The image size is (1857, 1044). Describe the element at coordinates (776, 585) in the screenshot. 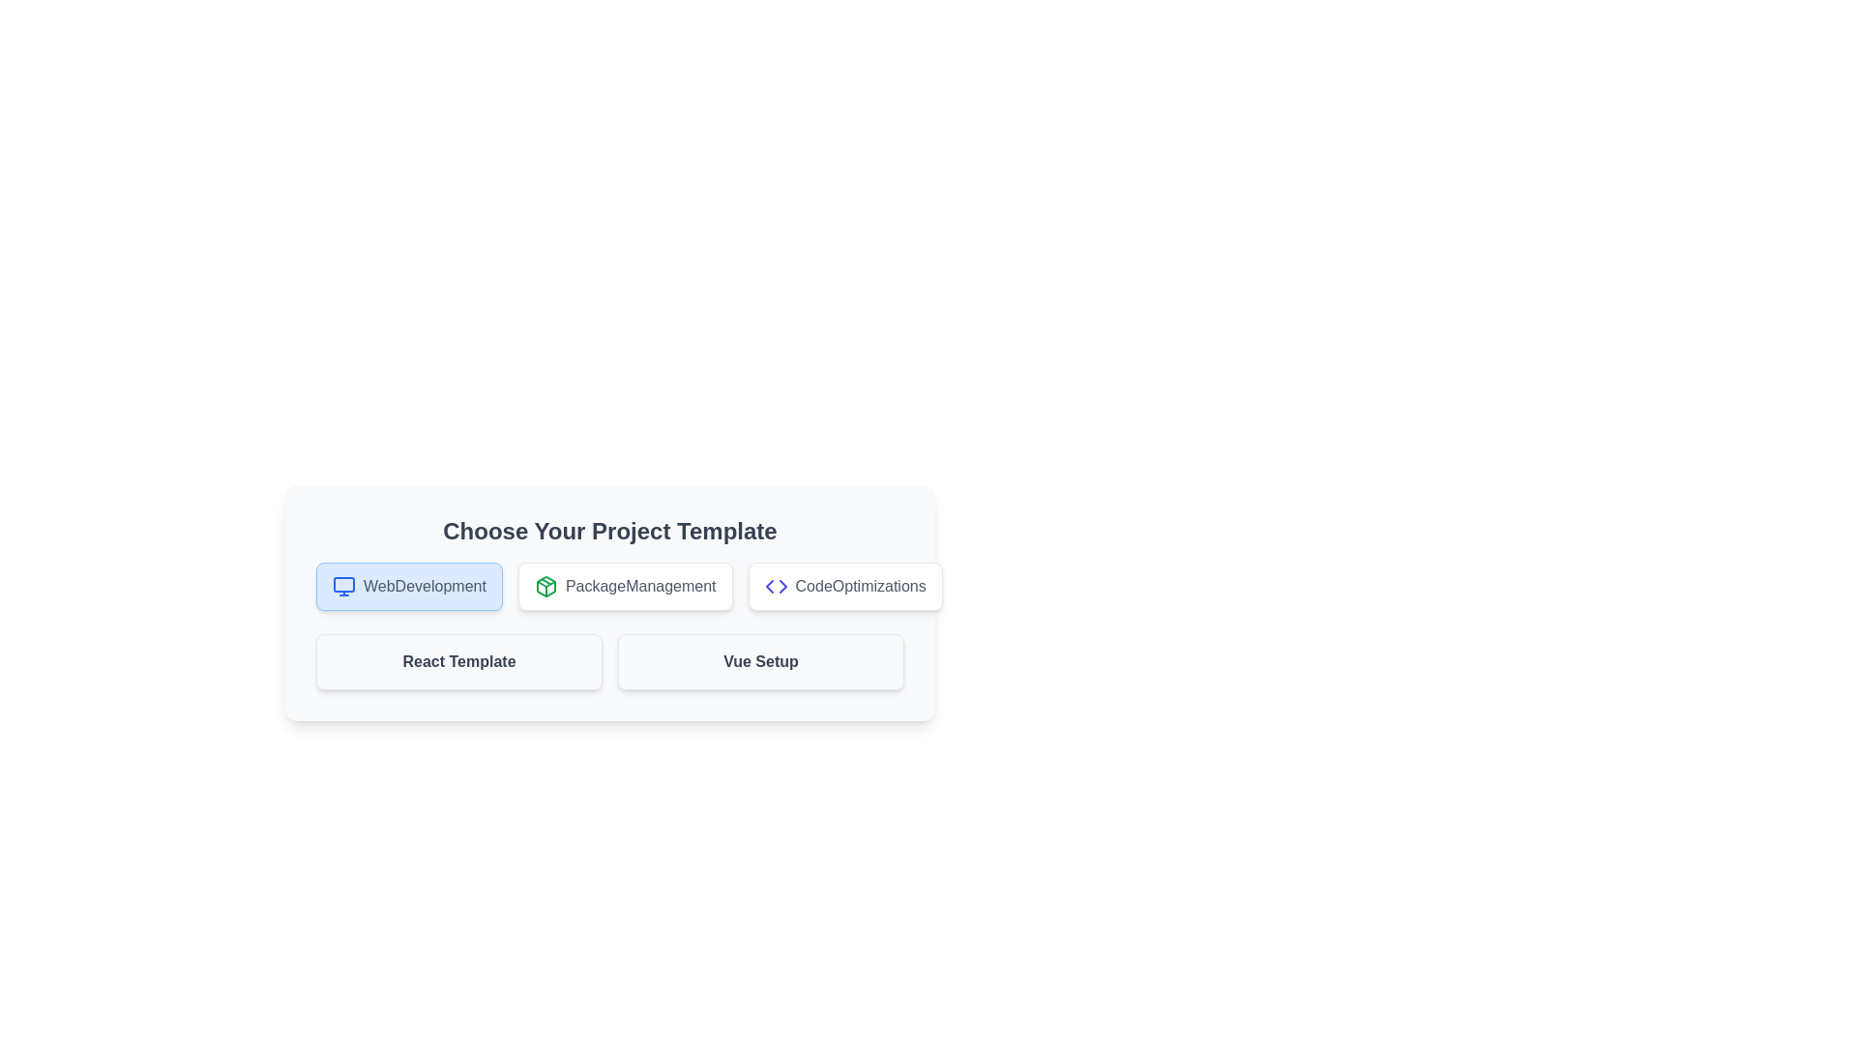

I see `the indigo coding icon composed of two triangular brackets located on the left side of the 'CodeOptimizations' button in the top-center part of the interface` at that location.